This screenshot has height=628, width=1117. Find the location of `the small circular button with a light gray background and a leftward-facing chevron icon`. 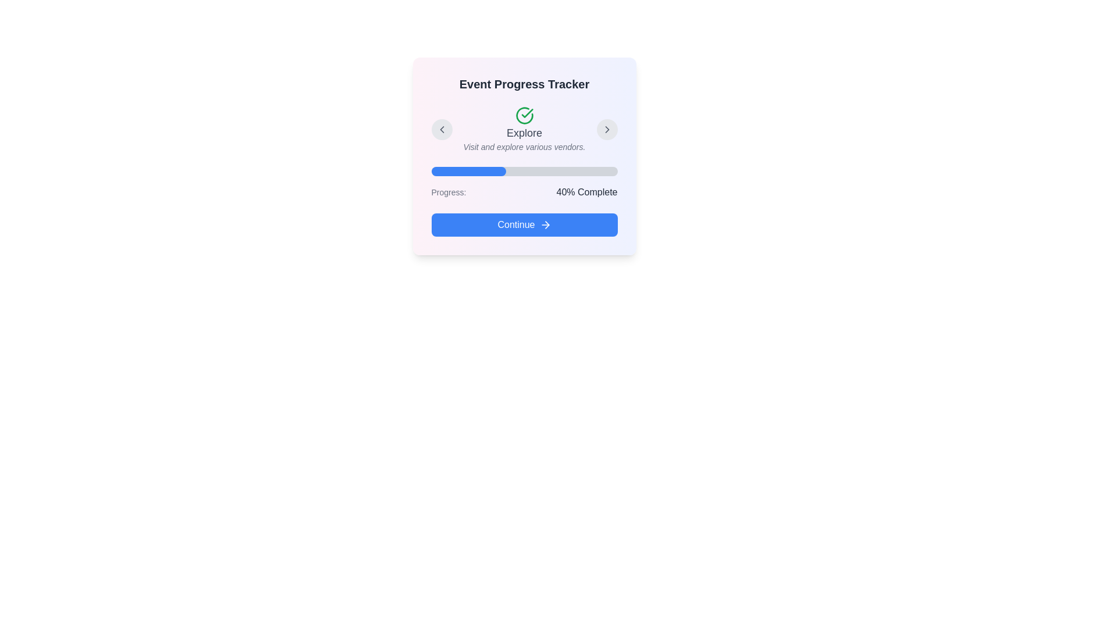

the small circular button with a light gray background and a leftward-facing chevron icon is located at coordinates (441, 130).